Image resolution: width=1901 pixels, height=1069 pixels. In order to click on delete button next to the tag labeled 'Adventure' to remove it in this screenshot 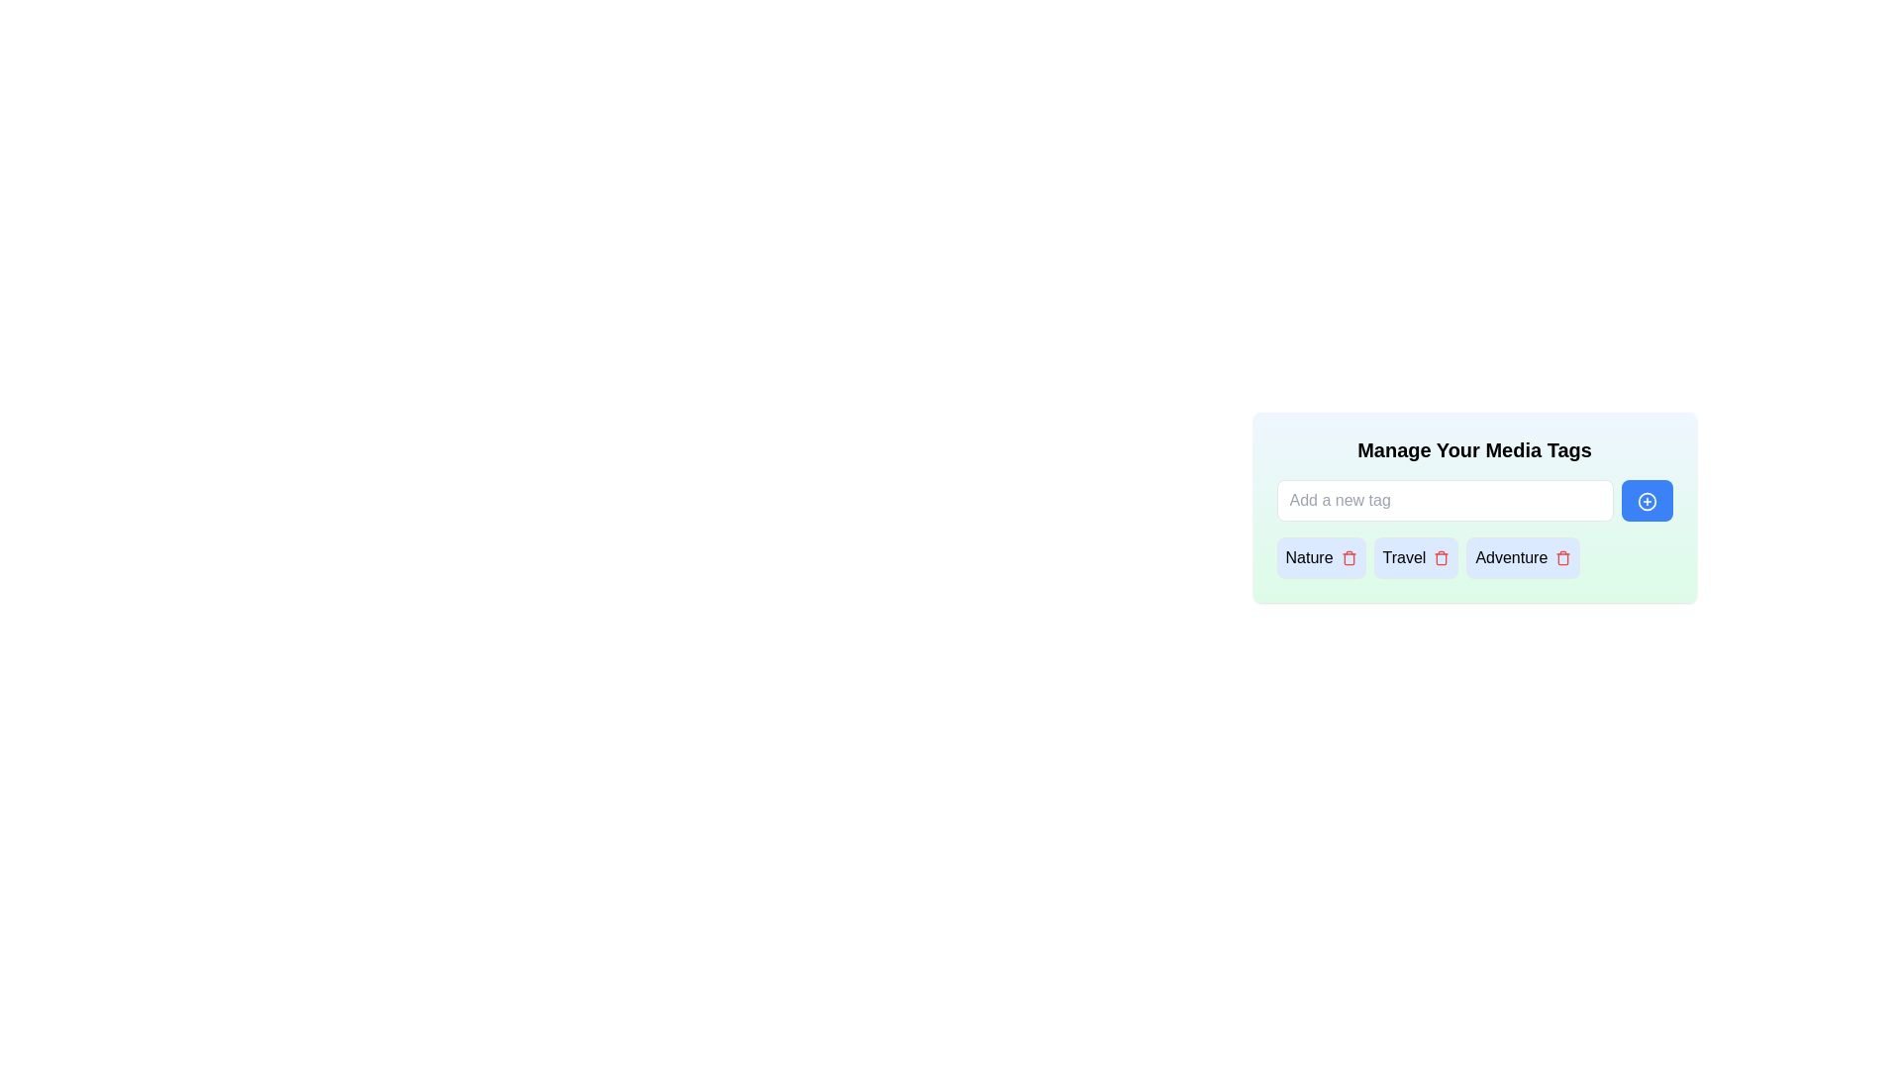, I will do `click(1562, 557)`.